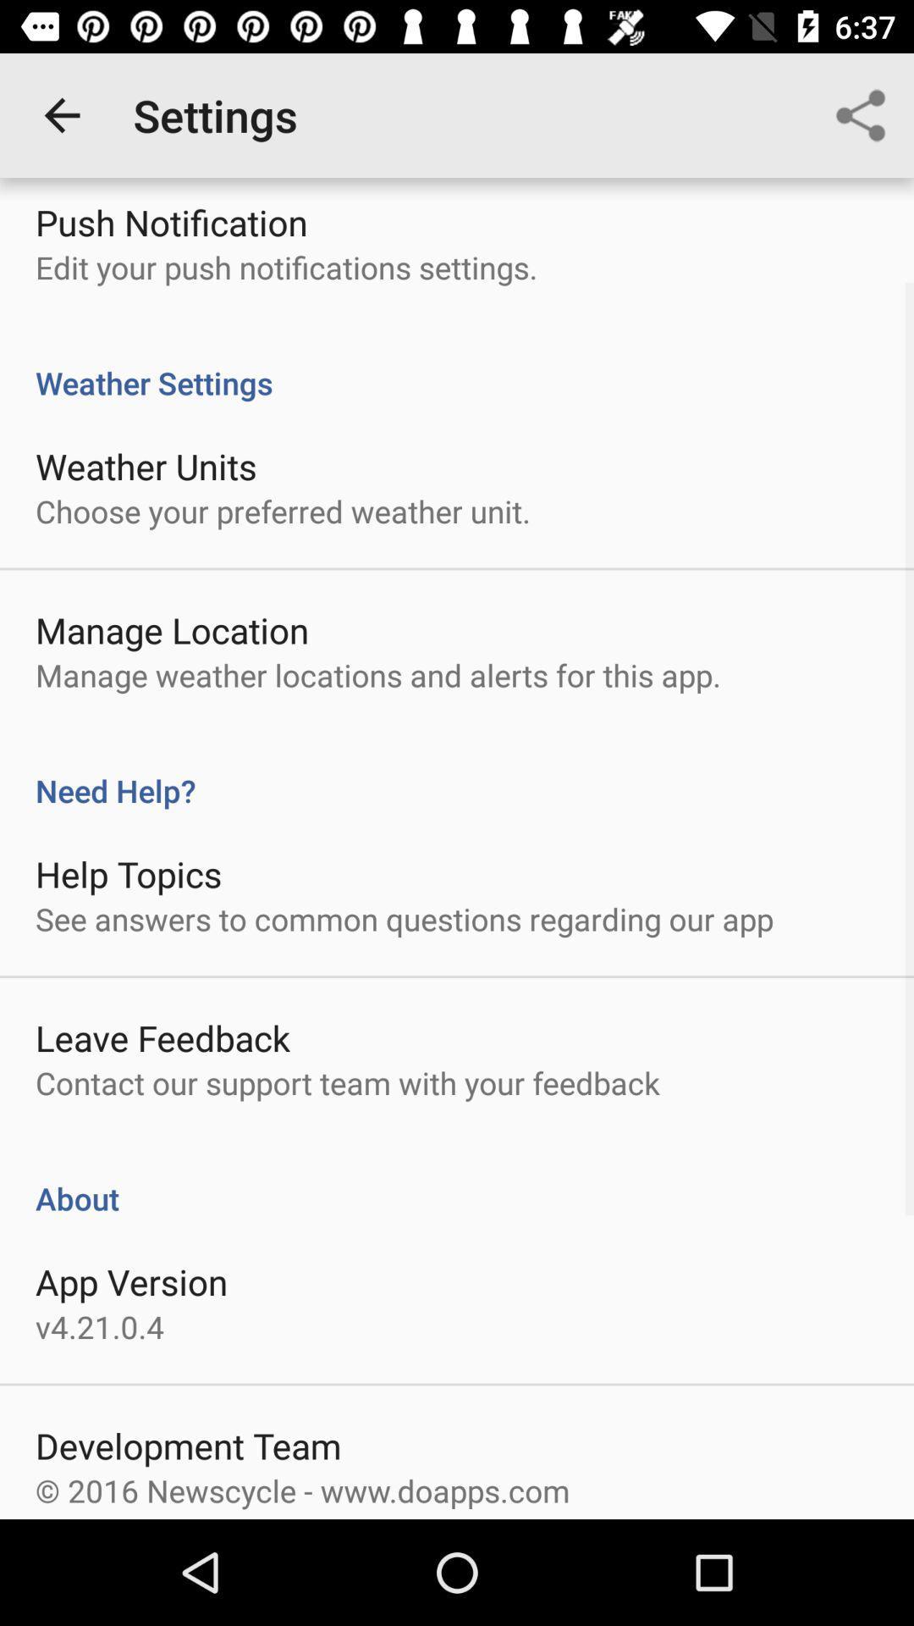 Image resolution: width=914 pixels, height=1626 pixels. I want to click on the need help?, so click(457, 772).